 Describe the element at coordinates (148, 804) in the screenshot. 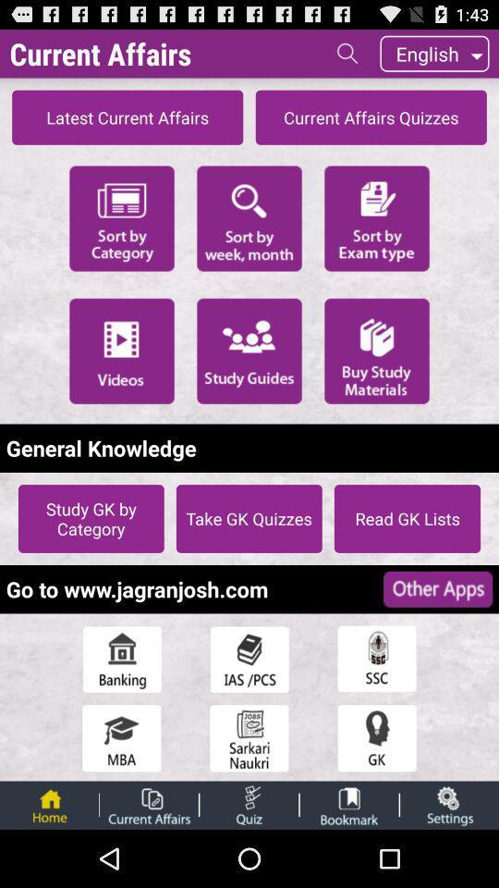

I see `current affair news` at that location.